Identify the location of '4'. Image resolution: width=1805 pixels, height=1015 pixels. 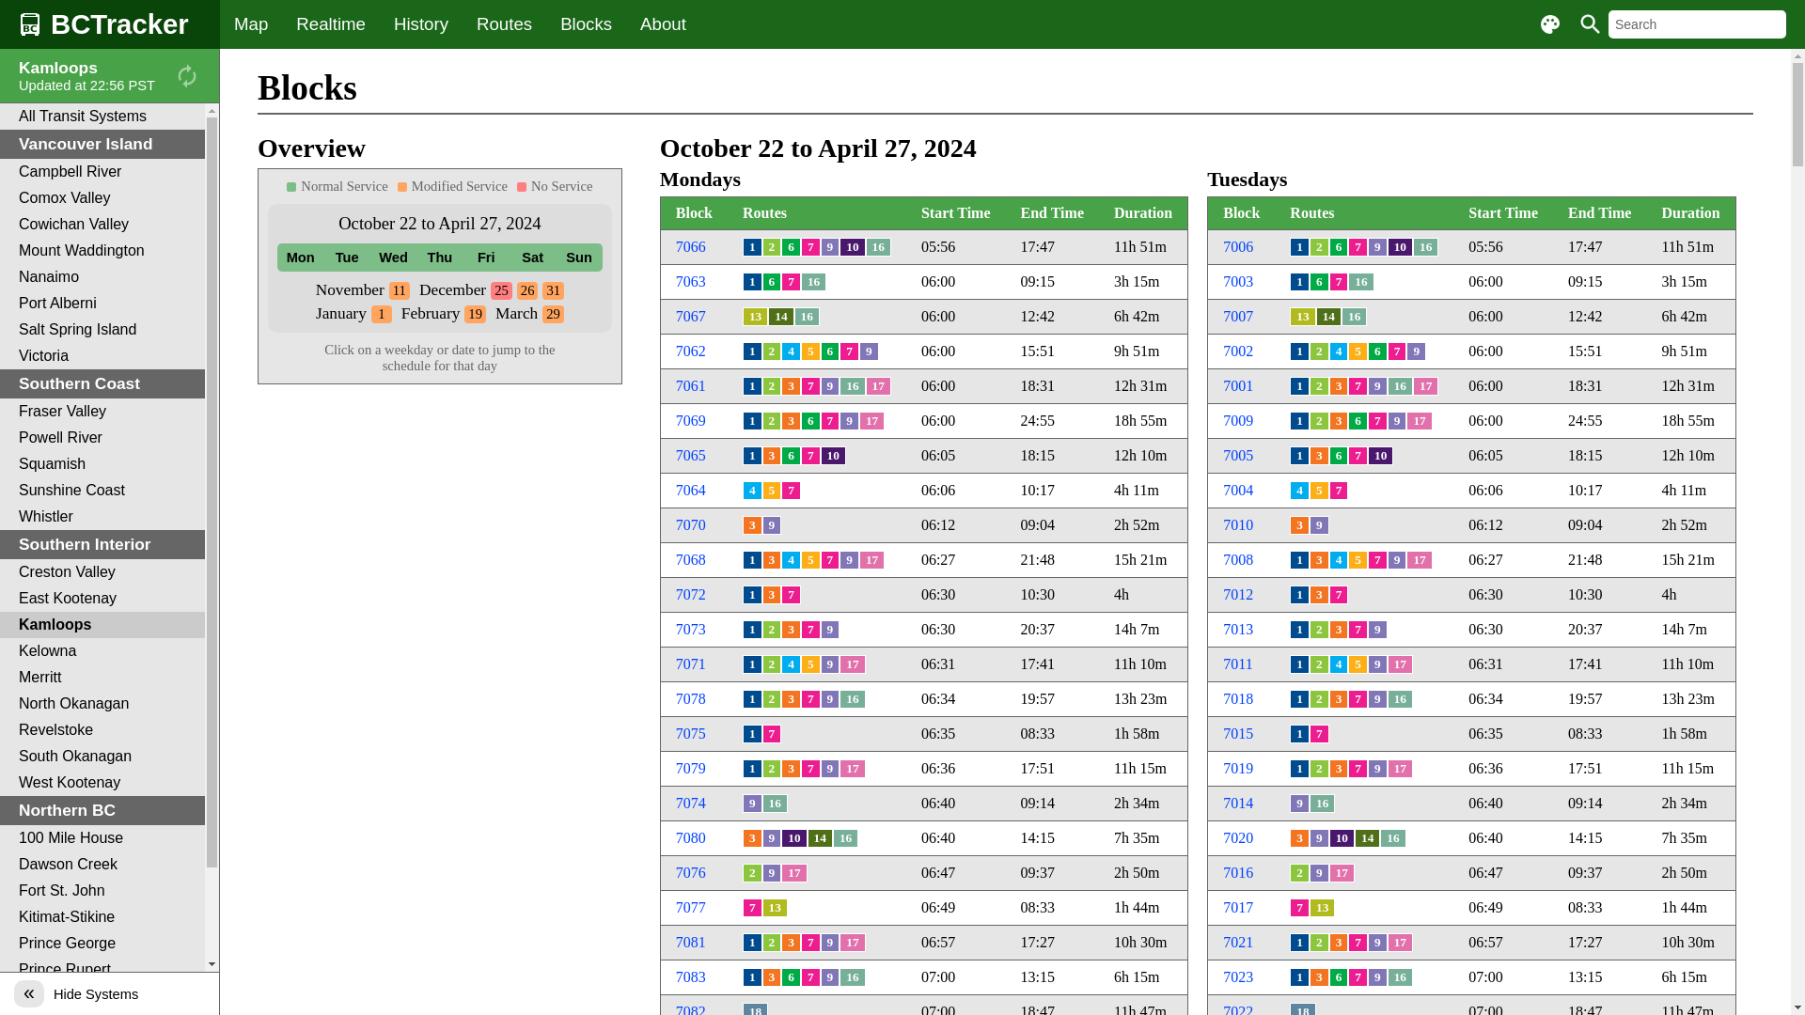
(791, 663).